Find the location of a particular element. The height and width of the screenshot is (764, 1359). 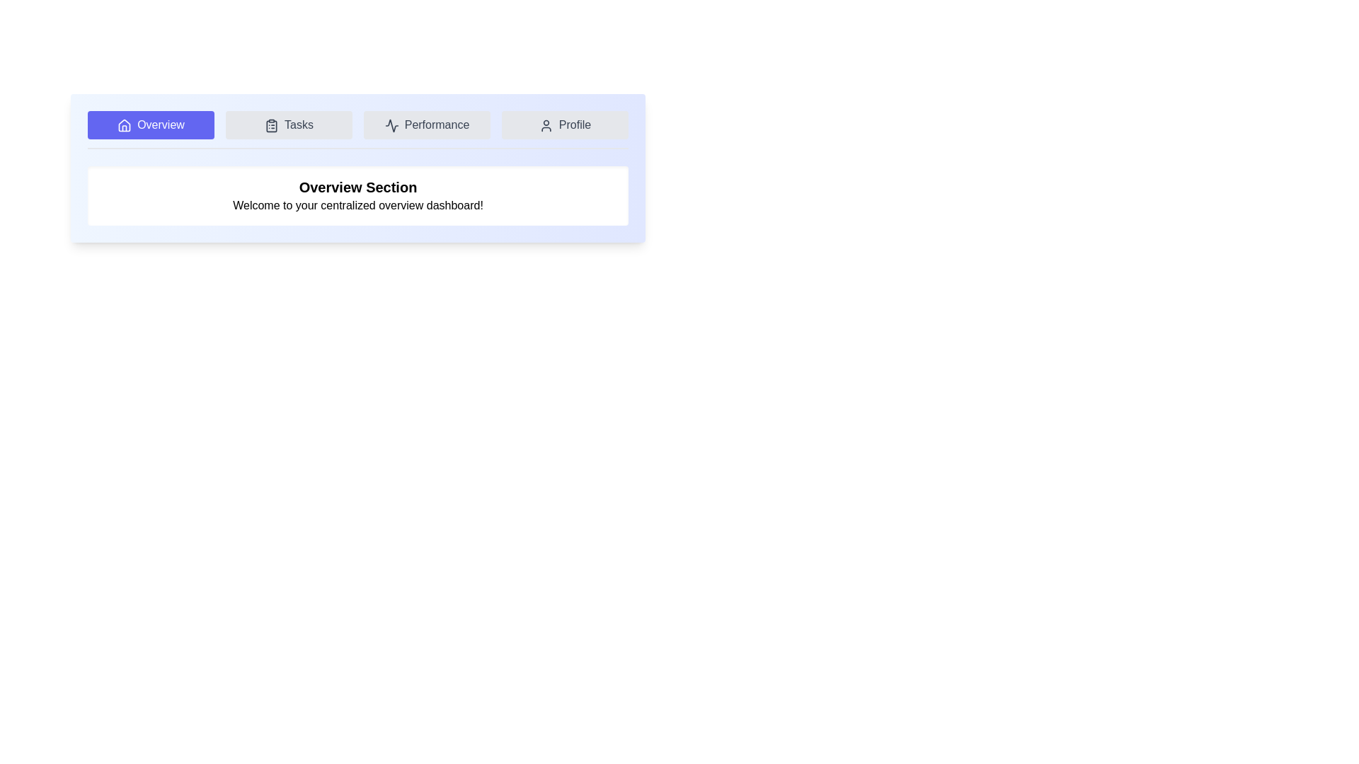

the activity graph icon located within the 'Performance' button, which is the third button from the left in the navigation bar at the top of the interface is located at coordinates (391, 125).